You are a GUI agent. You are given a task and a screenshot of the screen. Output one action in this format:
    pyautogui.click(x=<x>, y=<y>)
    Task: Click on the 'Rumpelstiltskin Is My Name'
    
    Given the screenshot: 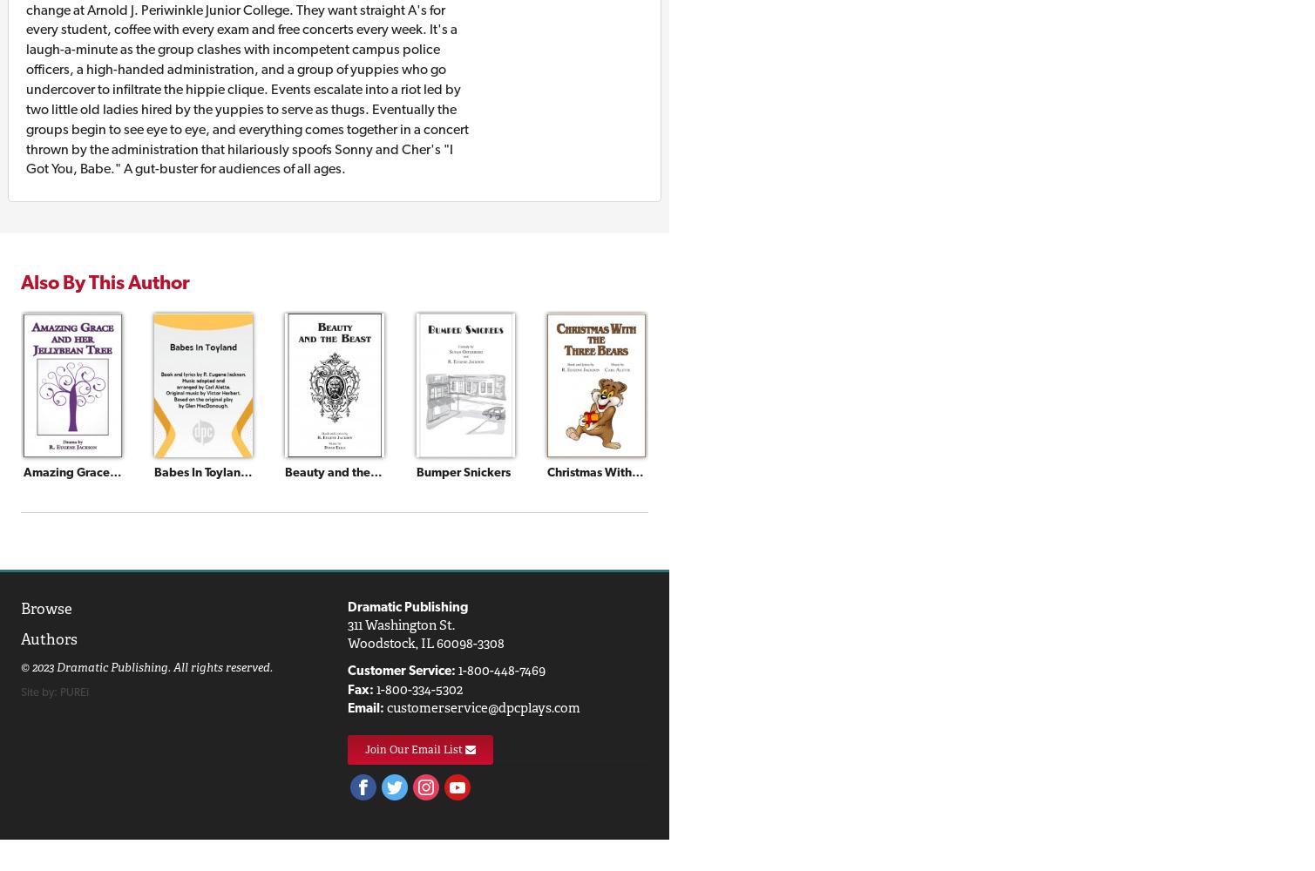 What is the action you would take?
    pyautogui.click(x=1070, y=471)
    